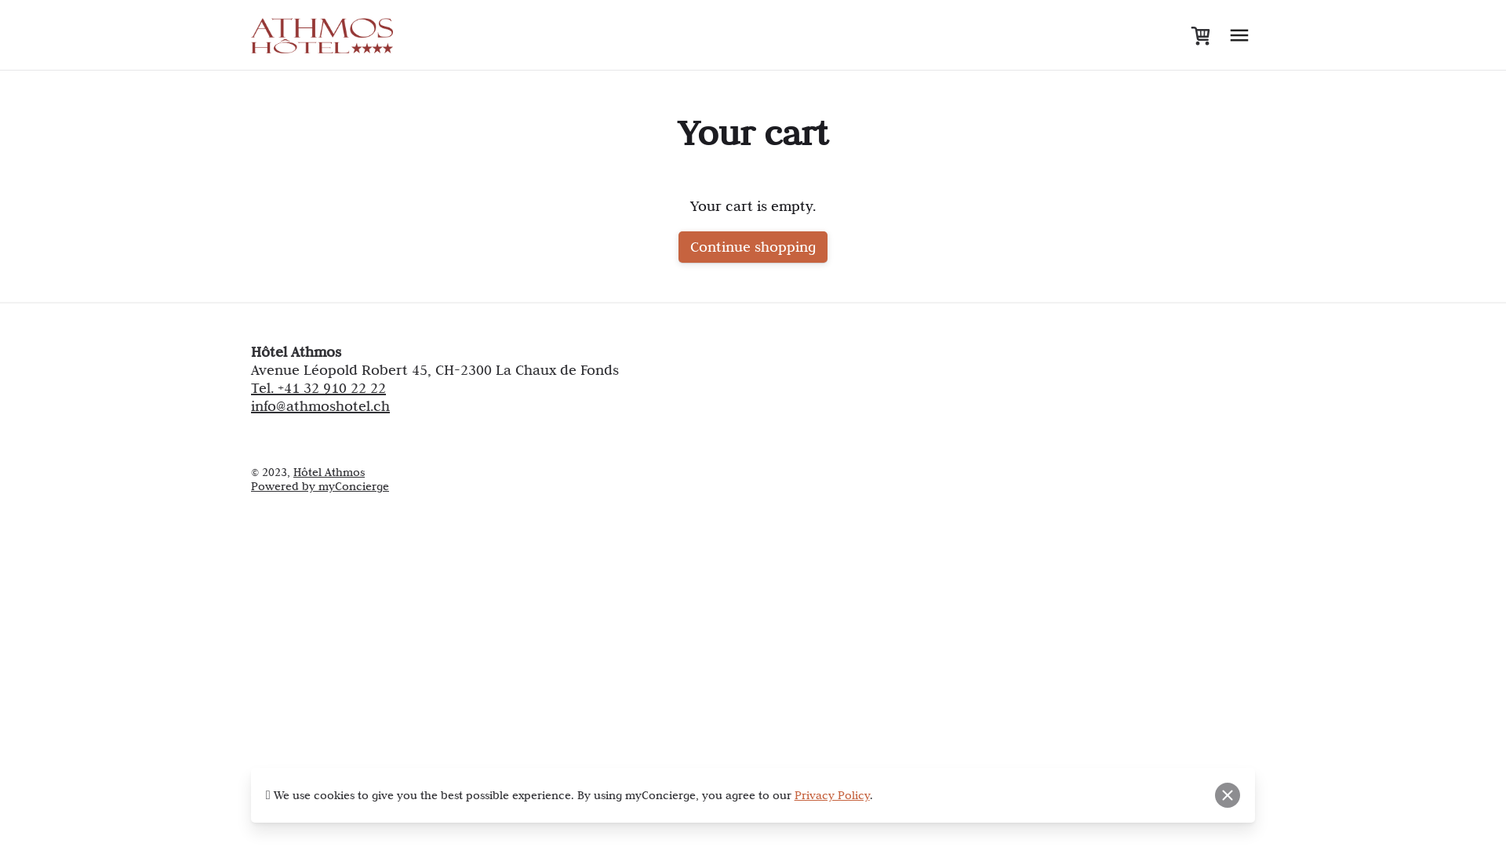  I want to click on 'info@athmoshotel.ch', so click(319, 405).